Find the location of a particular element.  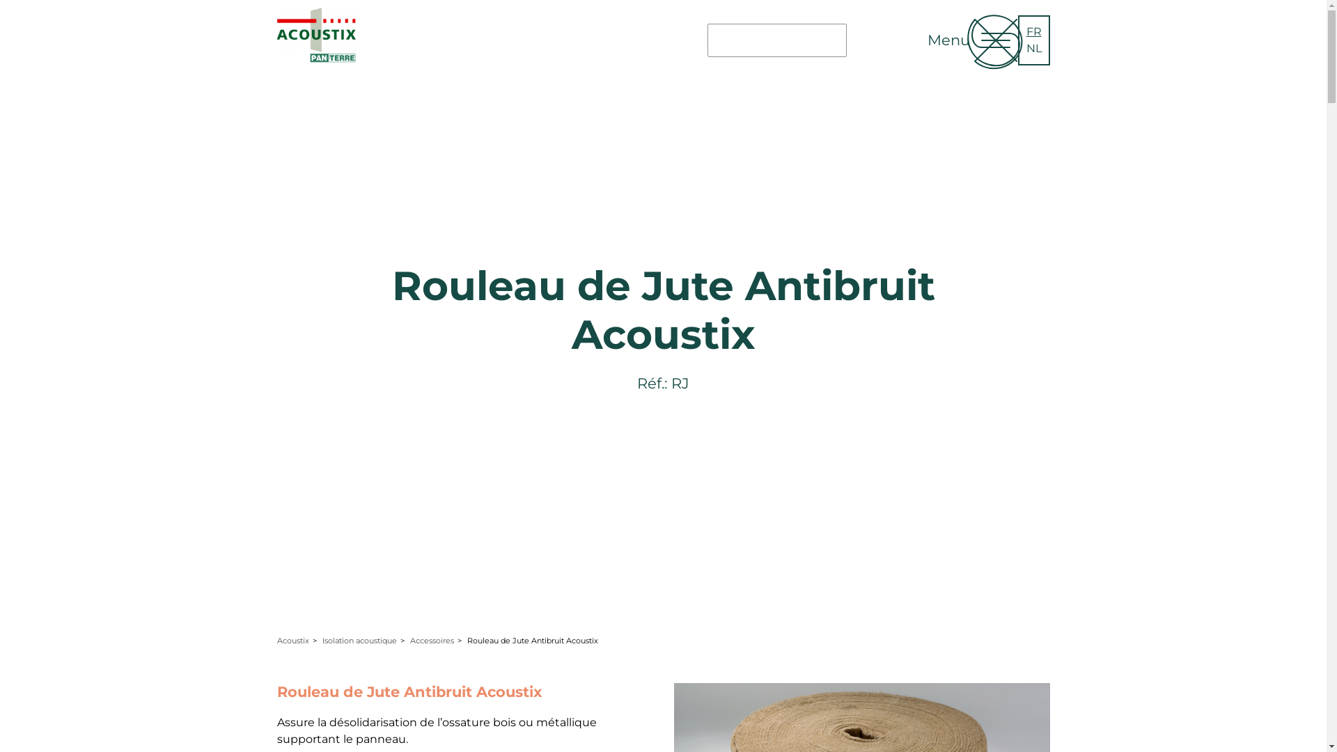

'Isolation acoustique' is located at coordinates (359, 641).